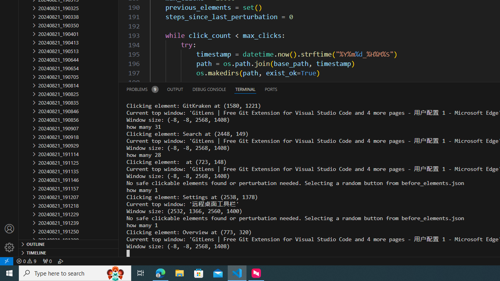 This screenshot has width=500, height=281. Describe the element at coordinates (271, 89) in the screenshot. I see `'Ports'` at that location.